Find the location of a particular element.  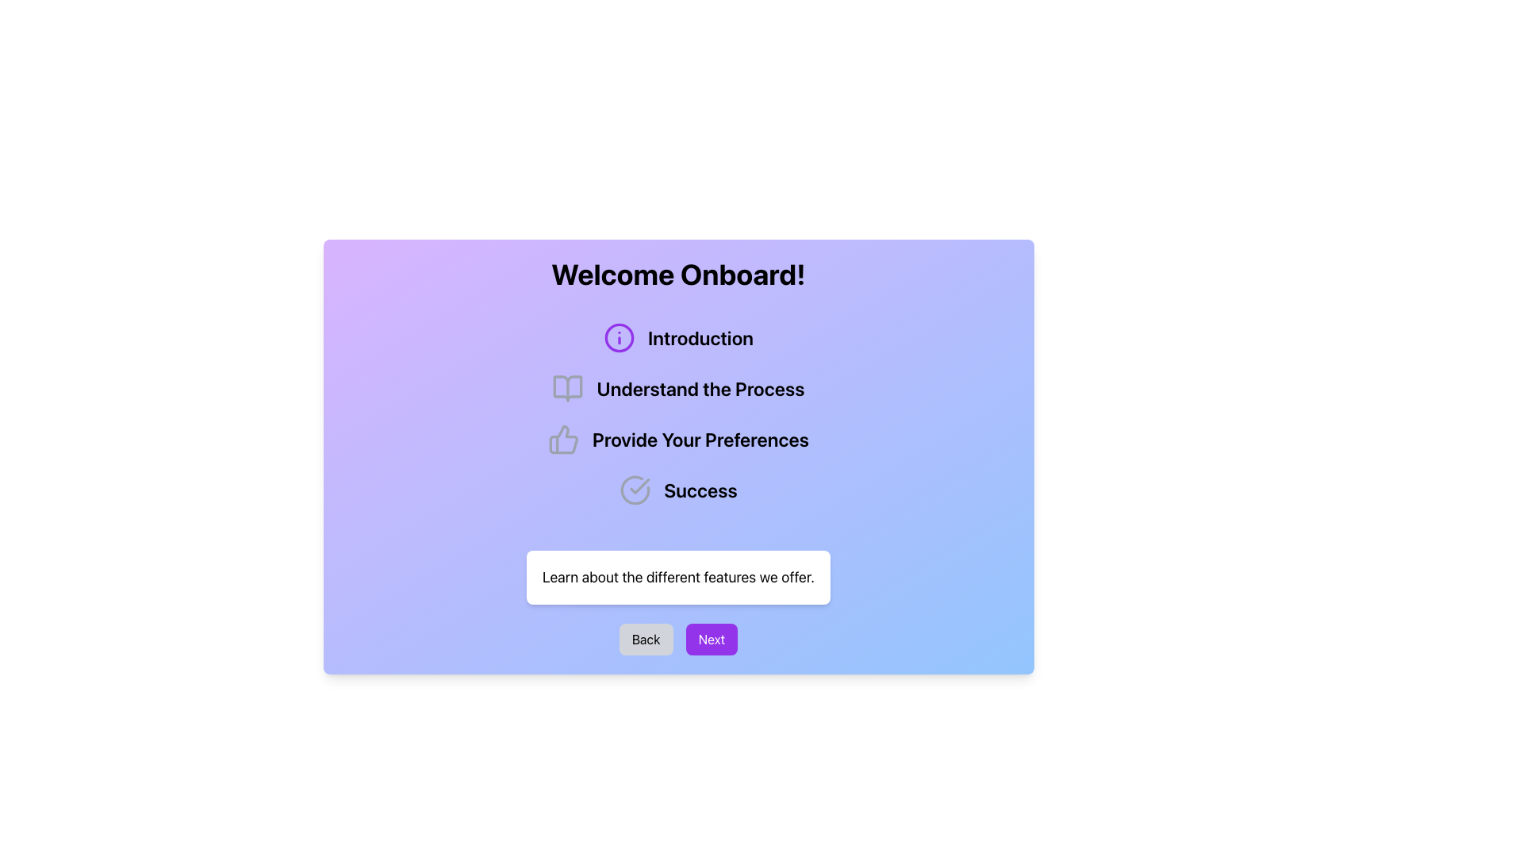

the 'Back' button, which is a rectangular button with rounded corners, light gray color, and contains the text 'Back' centered within it is located at coordinates (646, 639).